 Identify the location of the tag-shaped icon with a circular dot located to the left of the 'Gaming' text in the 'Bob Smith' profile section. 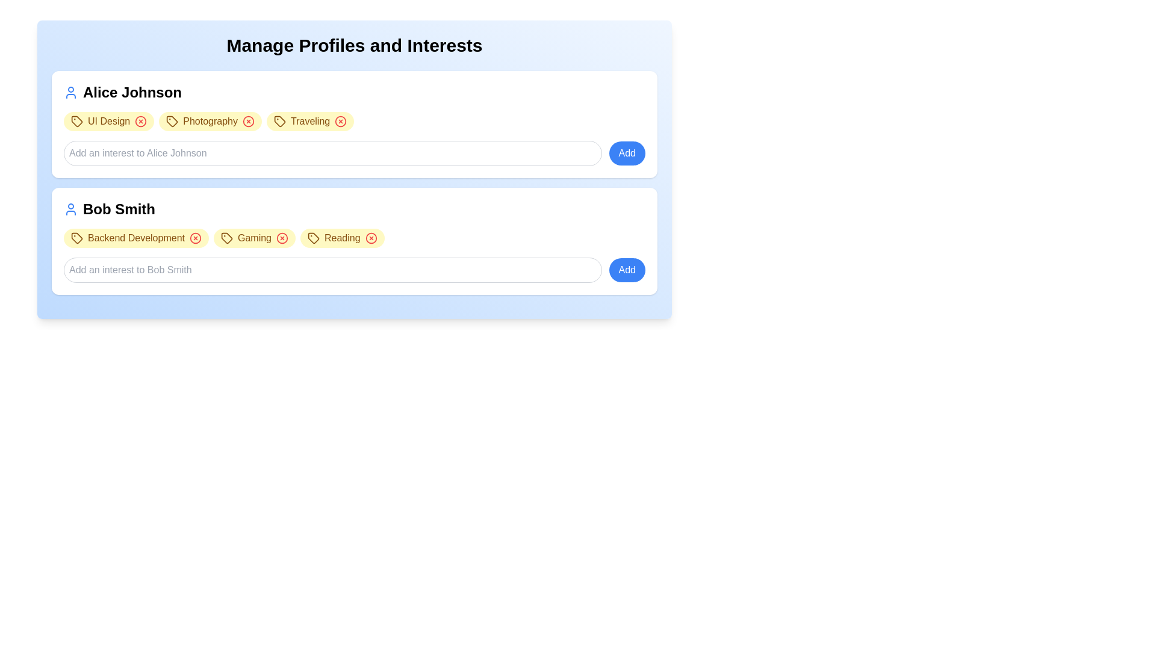
(226, 238).